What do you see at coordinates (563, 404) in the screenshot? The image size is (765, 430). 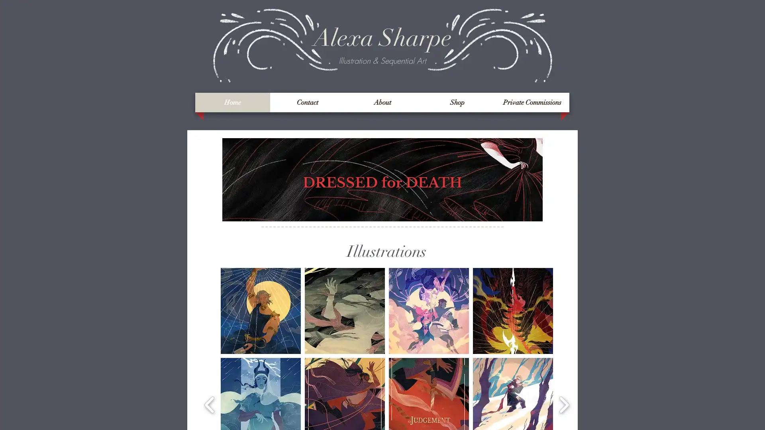 I see `next` at bounding box center [563, 404].